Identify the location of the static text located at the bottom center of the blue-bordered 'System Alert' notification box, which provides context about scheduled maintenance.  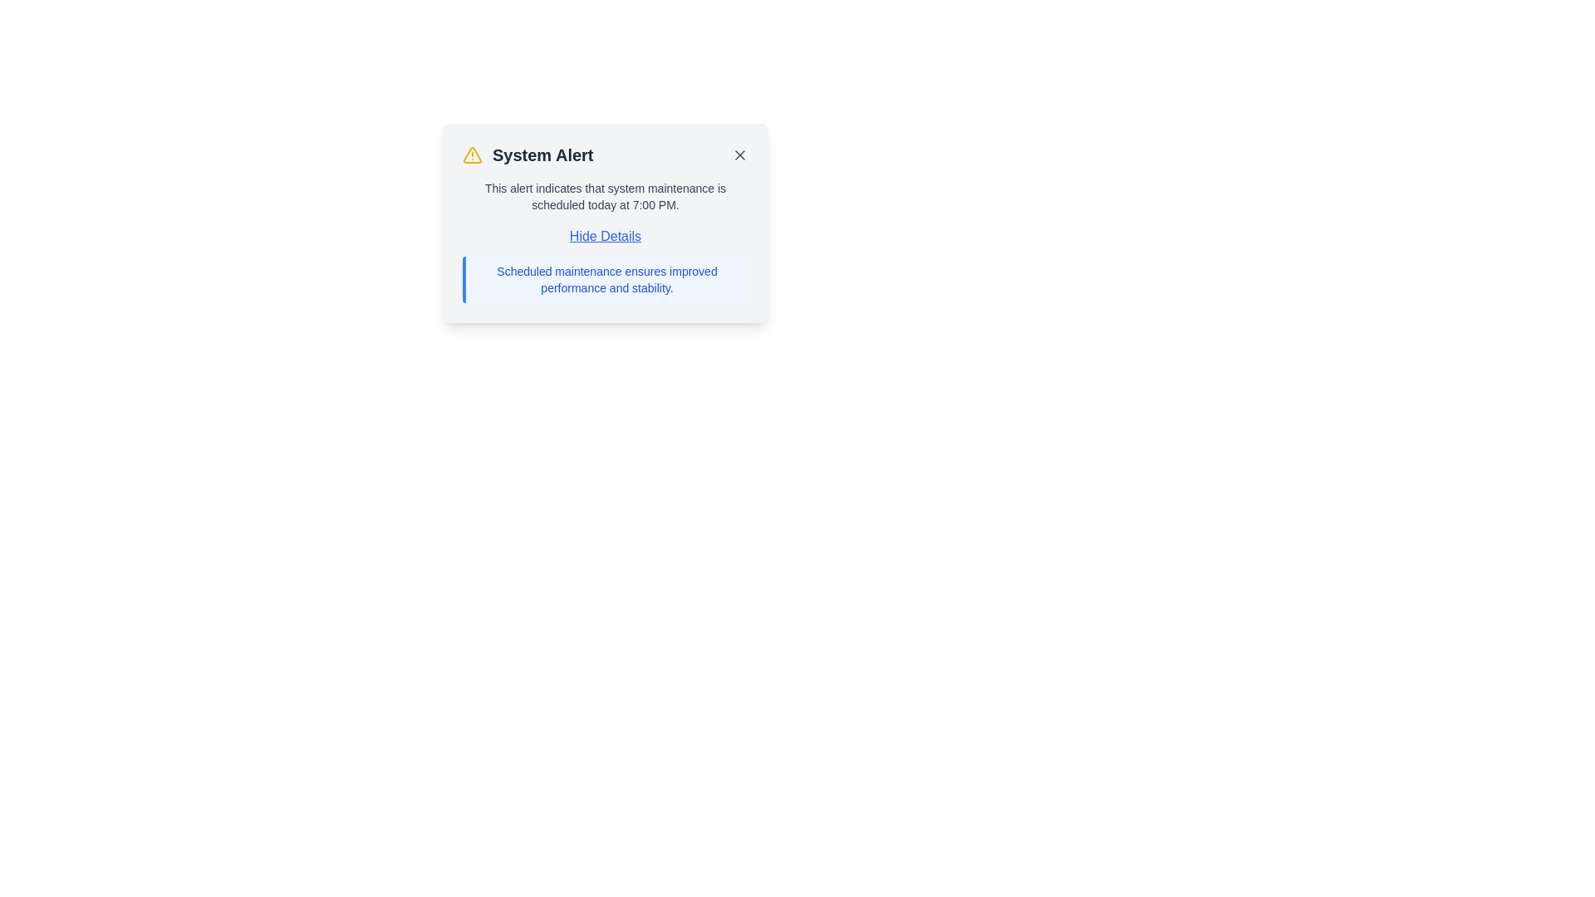
(606, 278).